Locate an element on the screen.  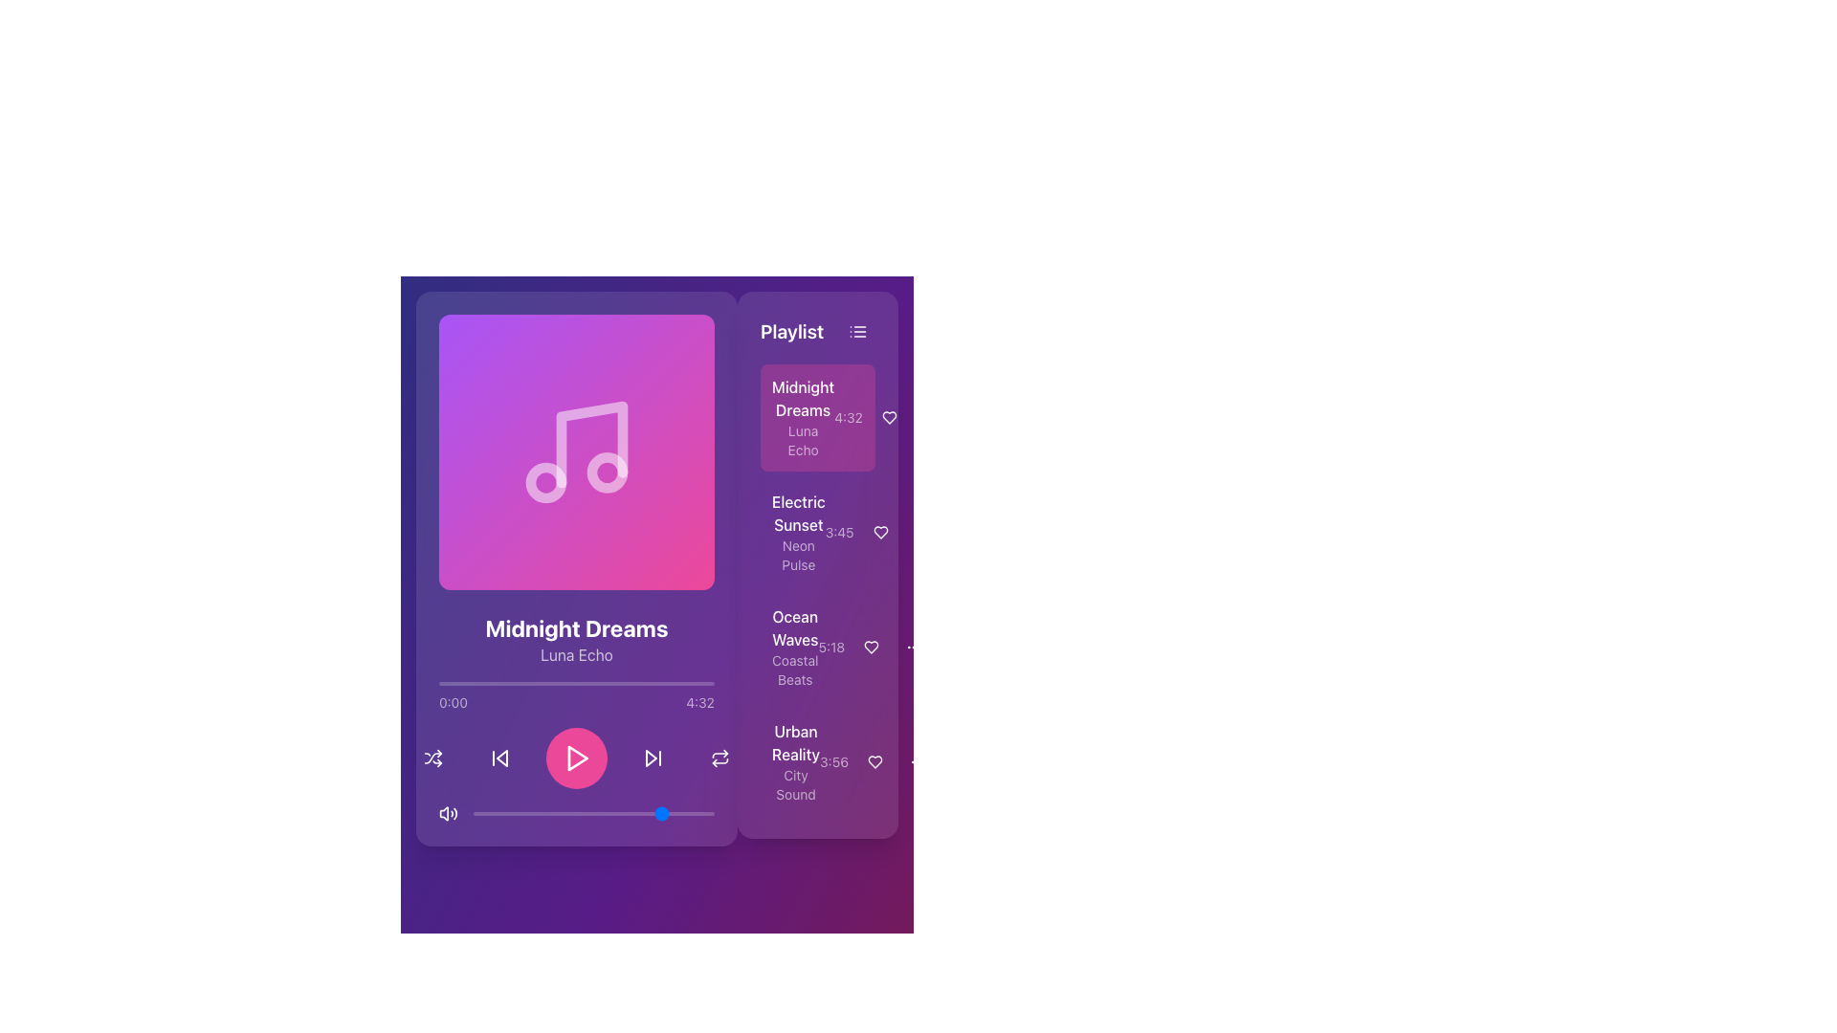
the text display element that shows 'Electric Sunset', which is the title of the second song entry in the 'Playlist' section under 'Midnight Dreams' is located at coordinates (798, 512).